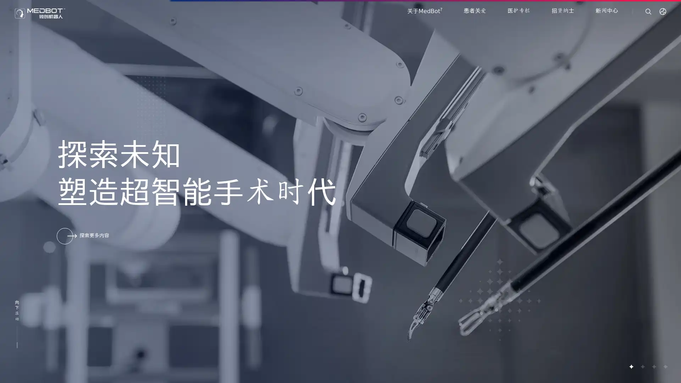  Describe the element at coordinates (653, 366) in the screenshot. I see `Go to slide 3` at that location.